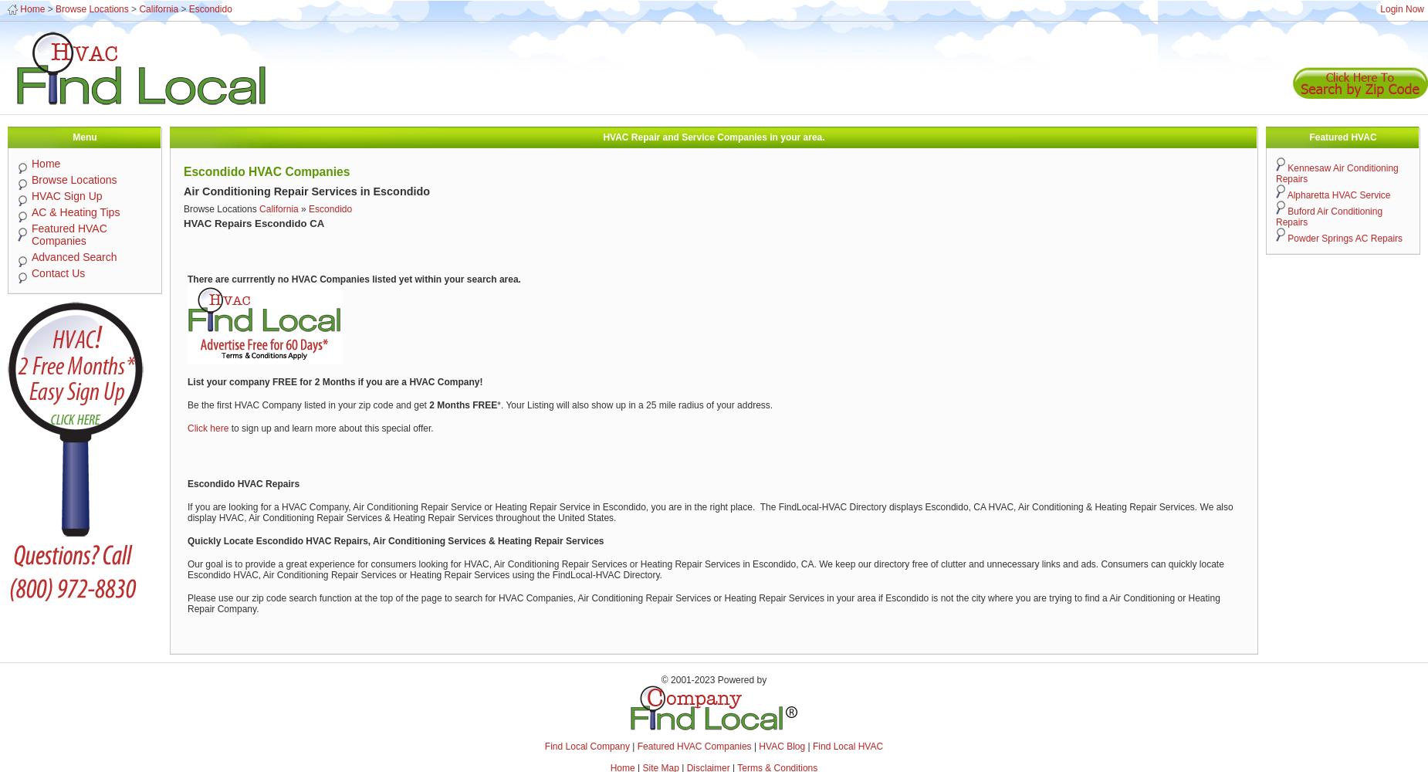 The image size is (1428, 772). What do you see at coordinates (334, 381) in the screenshot?
I see `'List your company FREE for 2 Months if you are a HVAC Company!'` at bounding box center [334, 381].